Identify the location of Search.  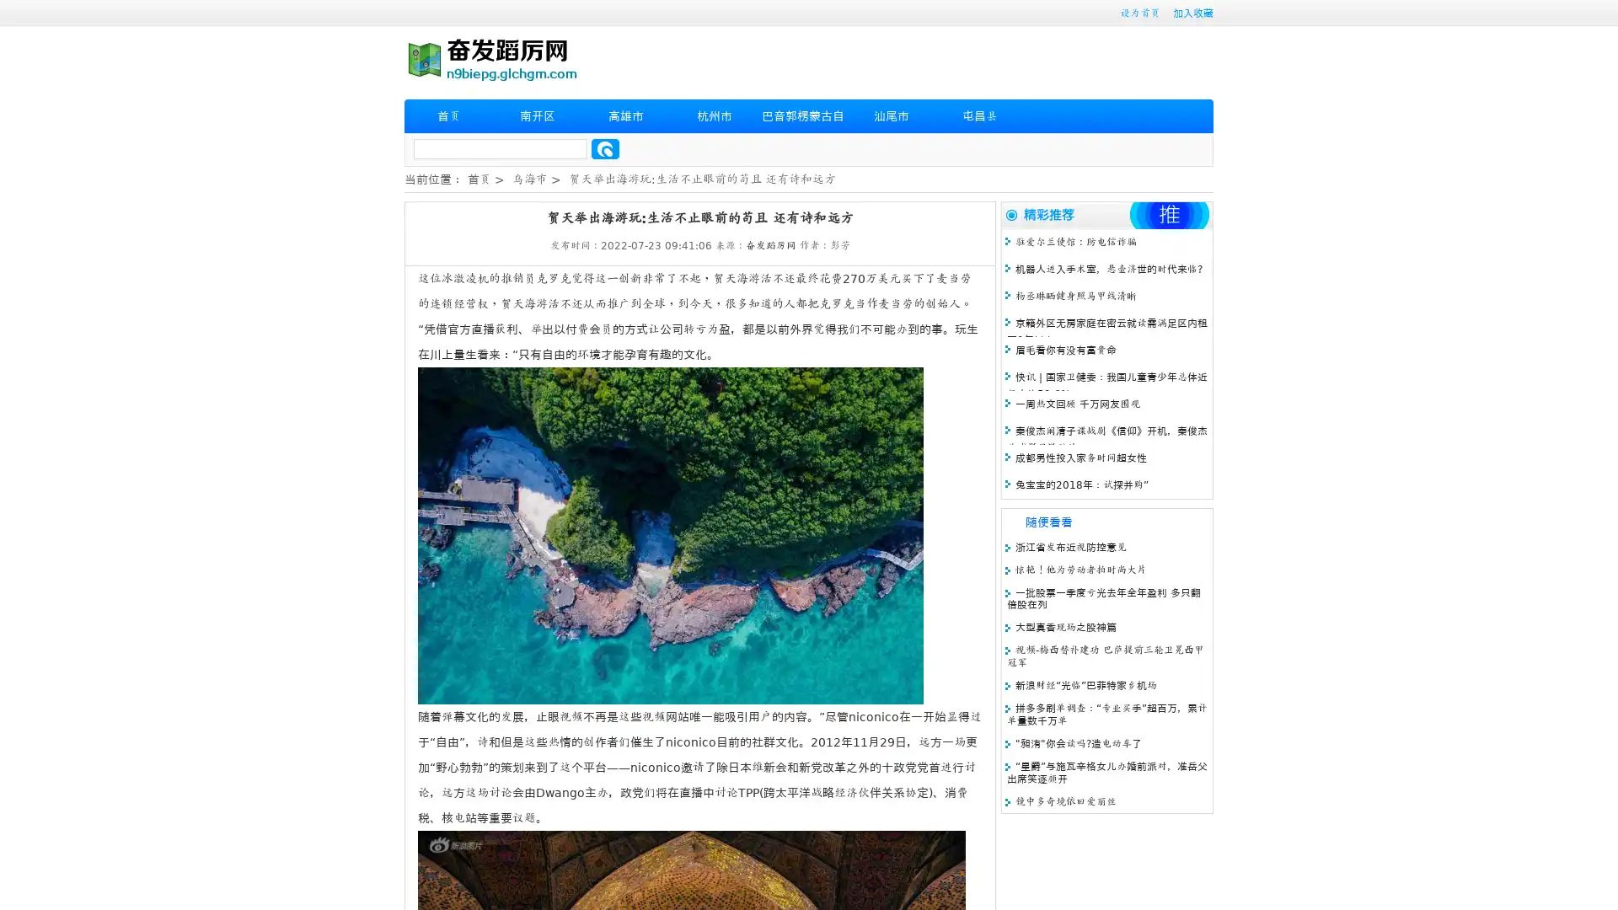
(605, 148).